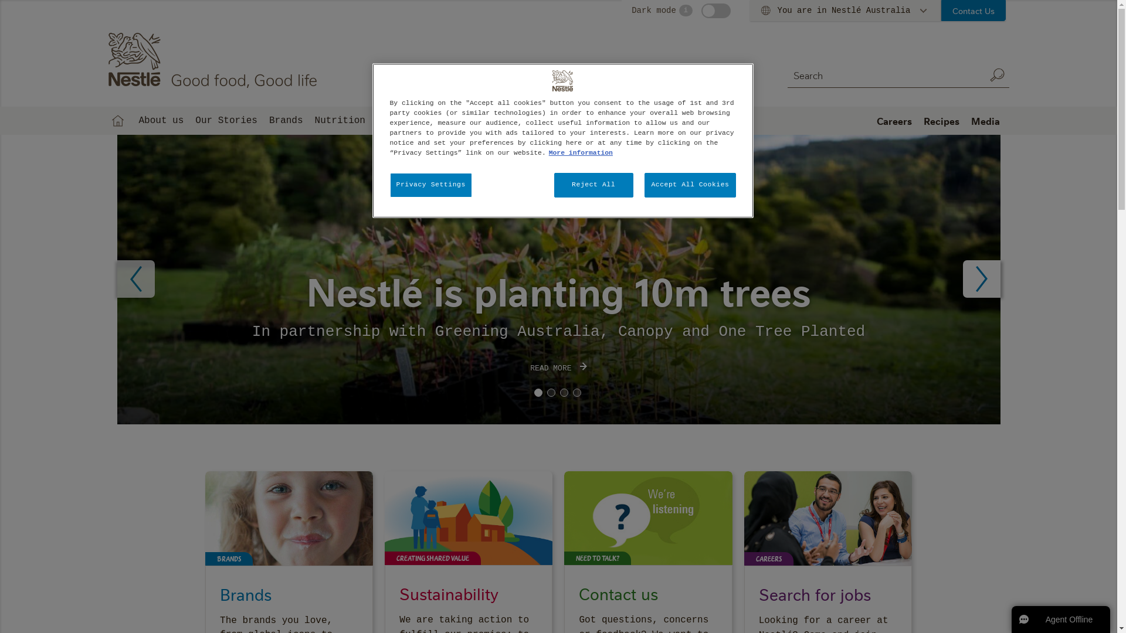 This screenshot has height=633, width=1126. What do you see at coordinates (117, 120) in the screenshot?
I see `'Home'` at bounding box center [117, 120].